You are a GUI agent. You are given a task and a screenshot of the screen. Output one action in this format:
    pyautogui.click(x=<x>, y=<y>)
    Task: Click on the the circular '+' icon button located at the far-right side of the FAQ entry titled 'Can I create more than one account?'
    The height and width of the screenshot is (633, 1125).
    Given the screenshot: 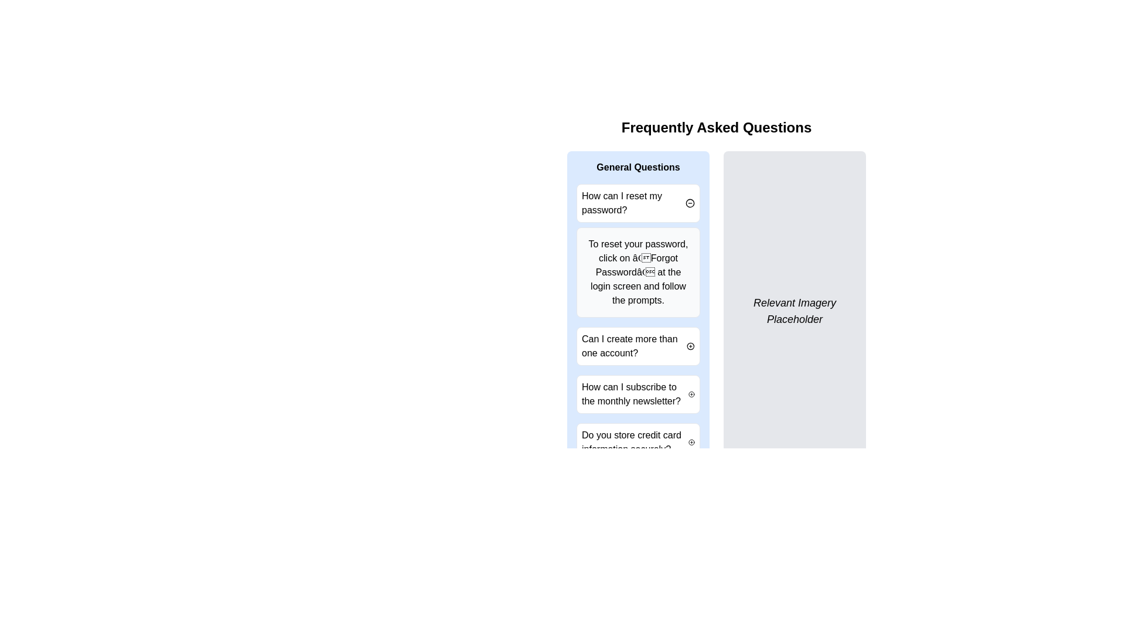 What is the action you would take?
    pyautogui.click(x=691, y=345)
    